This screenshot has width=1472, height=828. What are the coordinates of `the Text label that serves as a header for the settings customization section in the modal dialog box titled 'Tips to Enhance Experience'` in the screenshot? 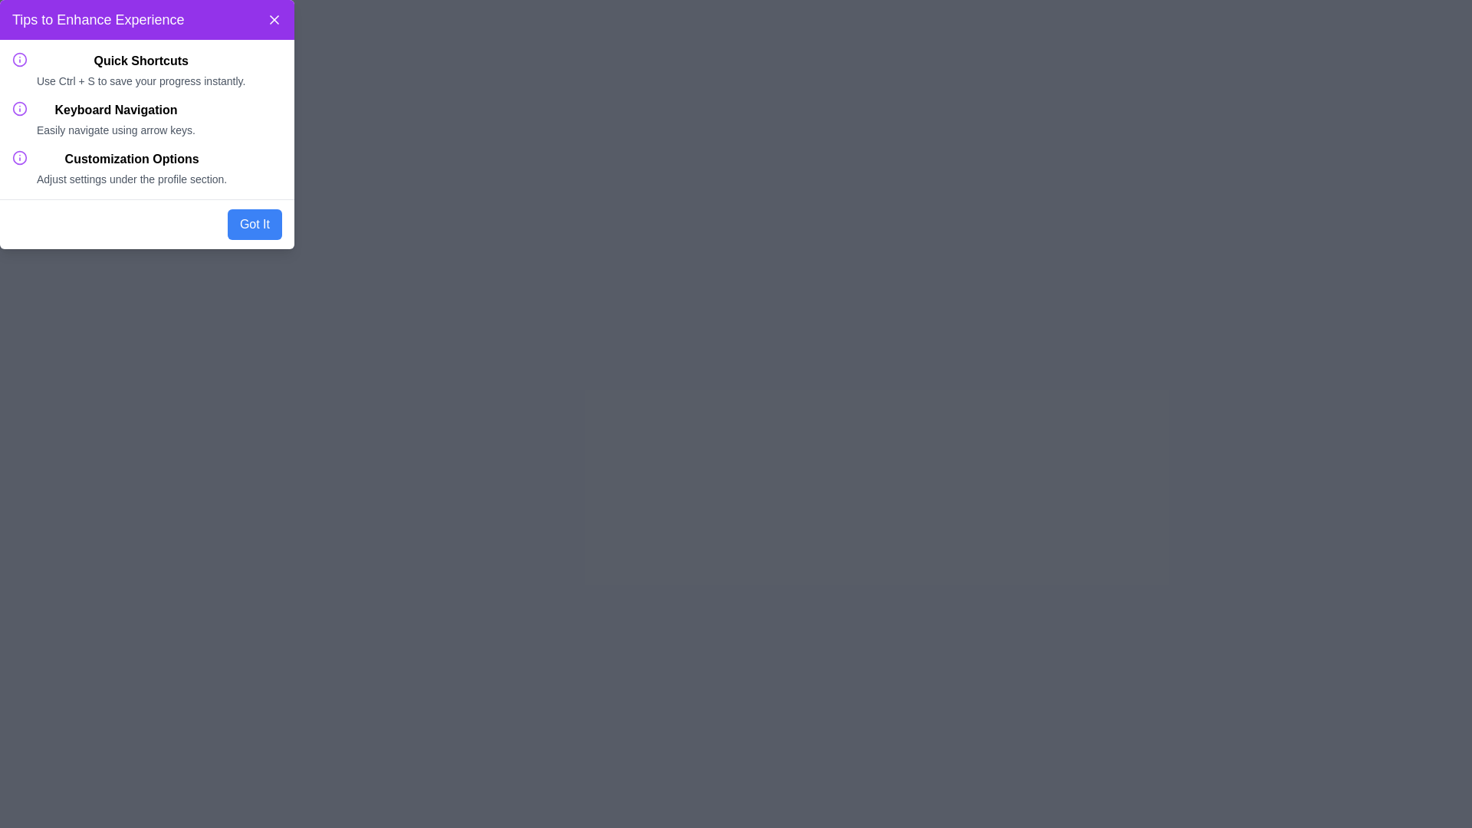 It's located at (132, 159).